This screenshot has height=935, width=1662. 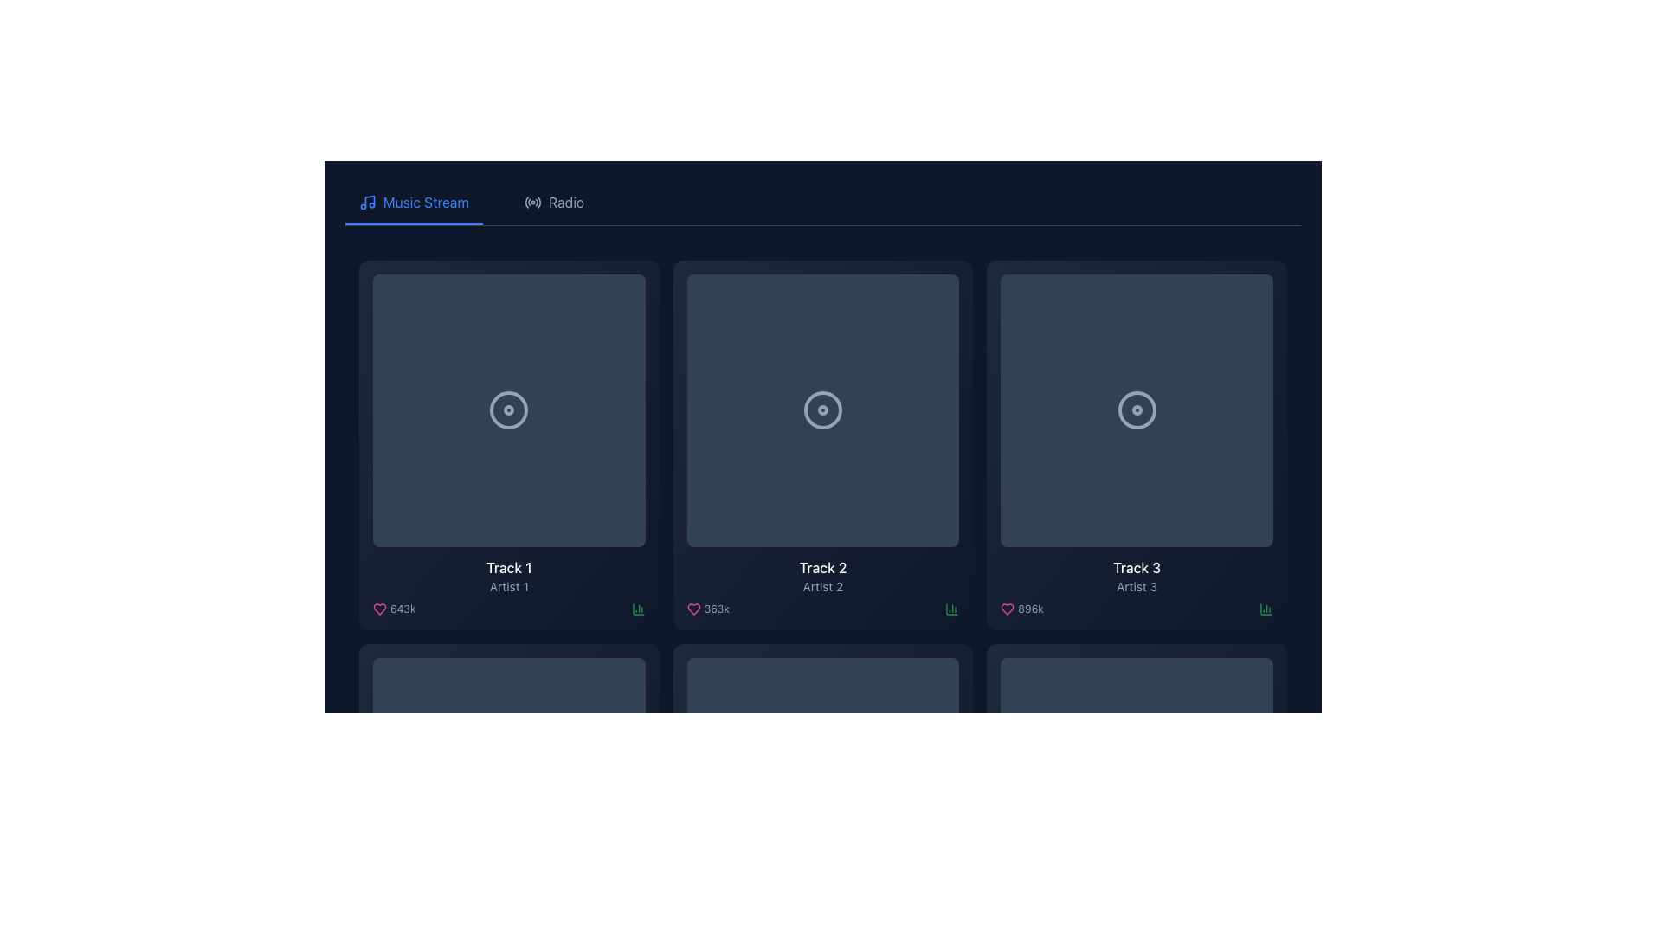 What do you see at coordinates (693, 608) in the screenshot?
I see `the pink heart-shaped icon to like or favorite 'Track 2' represented in the media application` at bounding box center [693, 608].